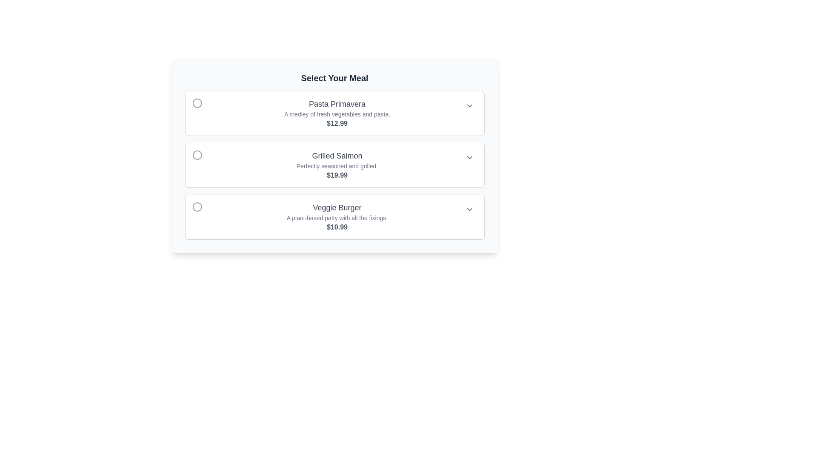 The width and height of the screenshot is (817, 459). What do you see at coordinates (197, 207) in the screenshot?
I see `the circular radiobutton` at bounding box center [197, 207].